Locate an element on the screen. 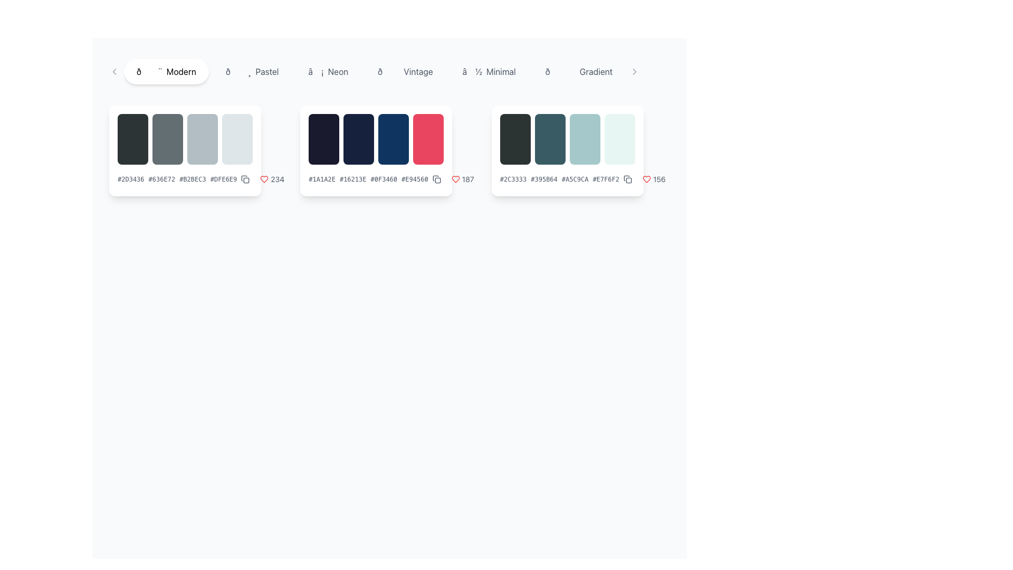  the static text element displaying the hexadecimal color code, which is the last item in a sequence of color codes below the color palette is located at coordinates (414, 178).